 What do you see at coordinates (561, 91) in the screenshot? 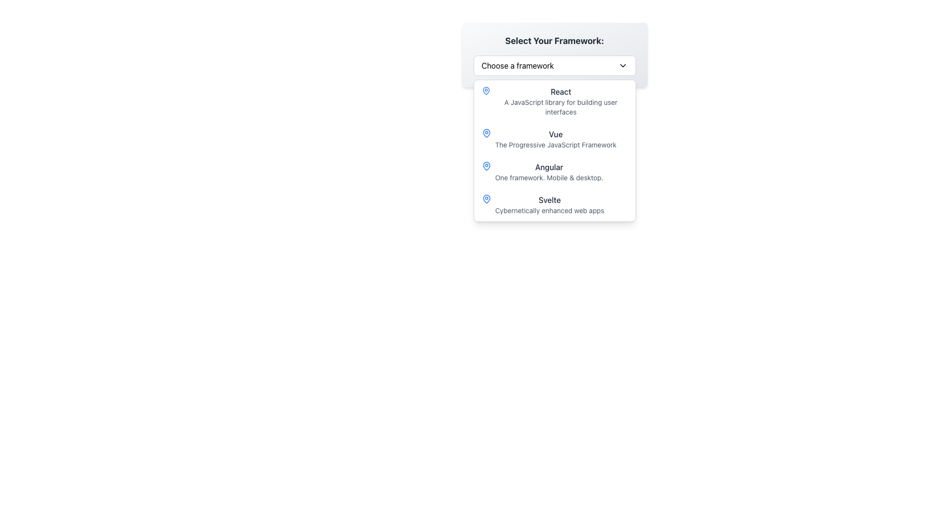
I see `the 'React' label in the dropdown menu titled 'Select Your Framework', which displays the word 'React' in a medium-weight font and dark gray color` at bounding box center [561, 91].